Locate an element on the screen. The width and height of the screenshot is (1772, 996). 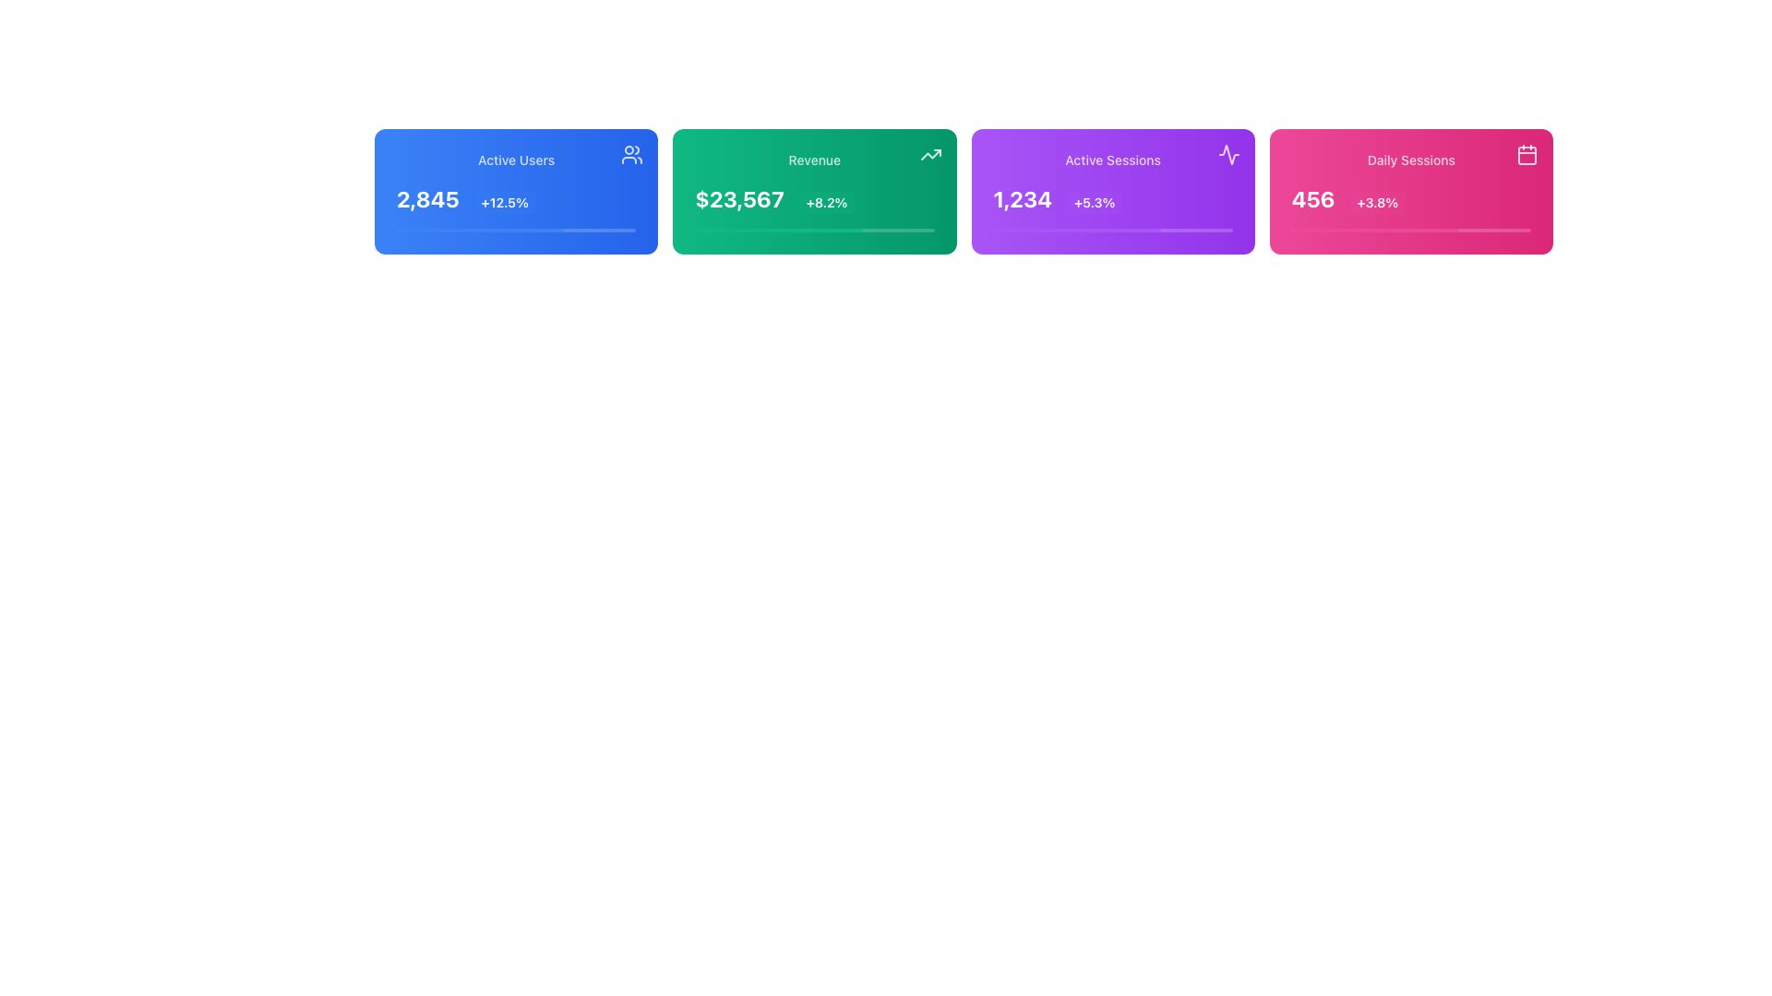
the textual display showing the numerical value and percentage change within the purple card labeled 'Active Sessions' is located at coordinates (1112, 199).